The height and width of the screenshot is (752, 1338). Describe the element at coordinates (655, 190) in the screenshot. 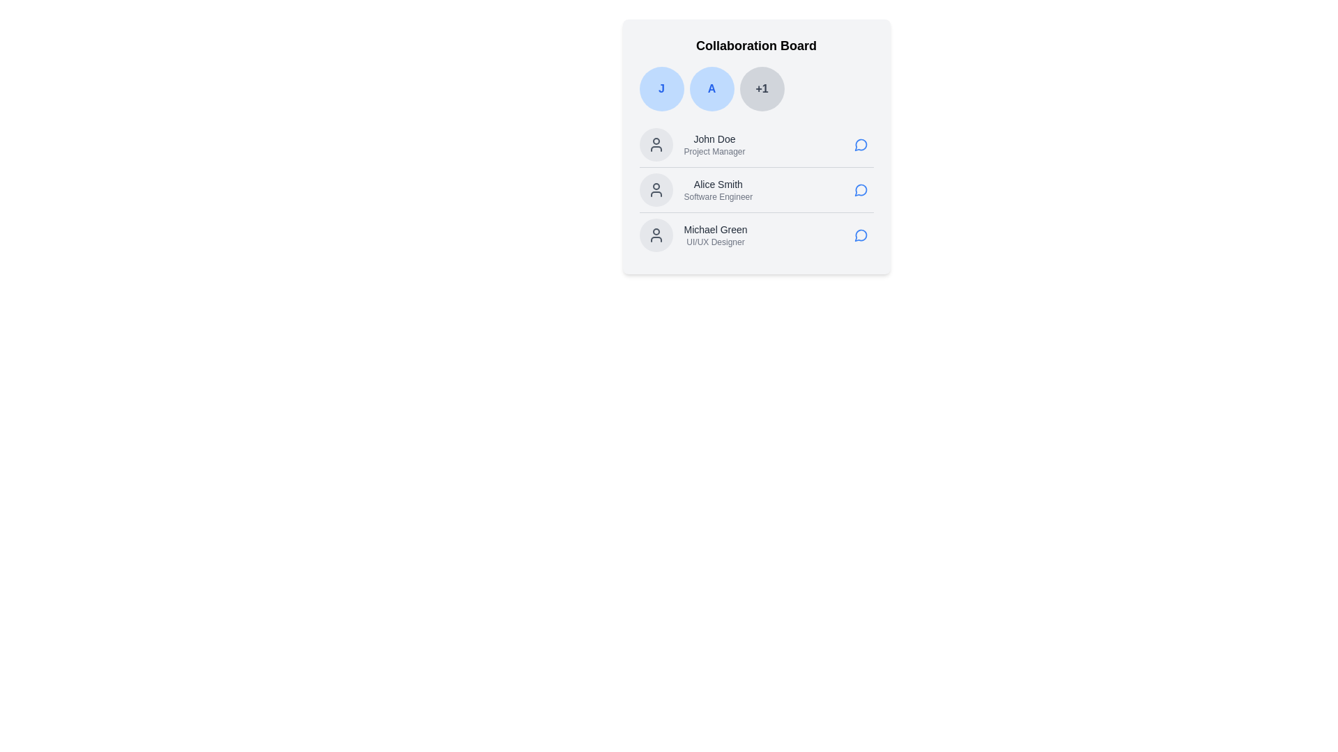

I see `the Profile Avatar representing 'Alice Smith', which is positioned to the left of 'Alice Smith Software Engineer' in the 'Collaboration Board' panel` at that location.